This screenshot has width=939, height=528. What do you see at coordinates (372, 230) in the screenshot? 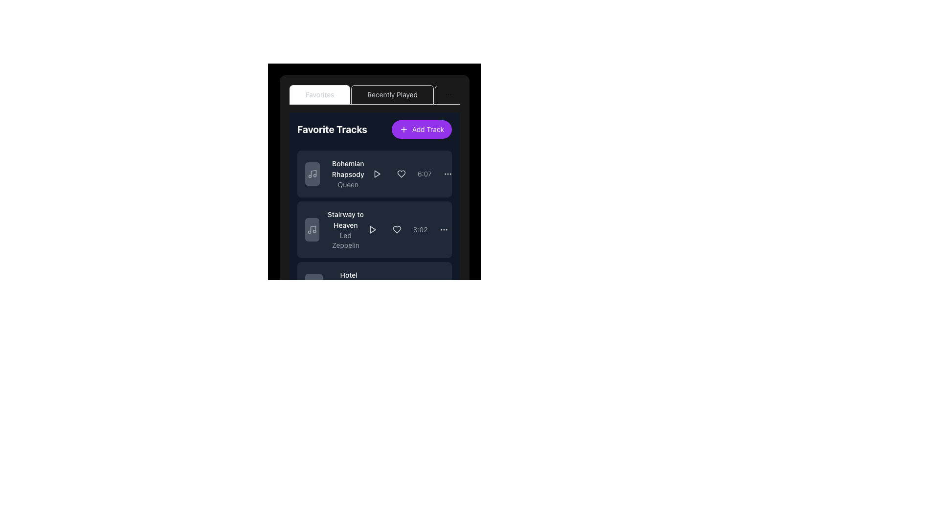
I see `the triangular play button on the dark background to play the song 'Stairway to Heaven' with a duration of '8:02'` at bounding box center [372, 230].